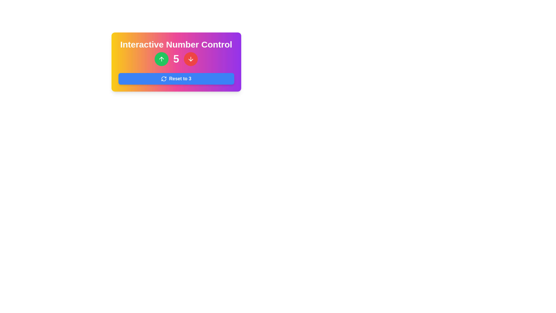  What do you see at coordinates (176, 44) in the screenshot?
I see `the title text of the interactive number control system located at the topmost section of the card with a gradient background transitioning from yellow to purple` at bounding box center [176, 44].